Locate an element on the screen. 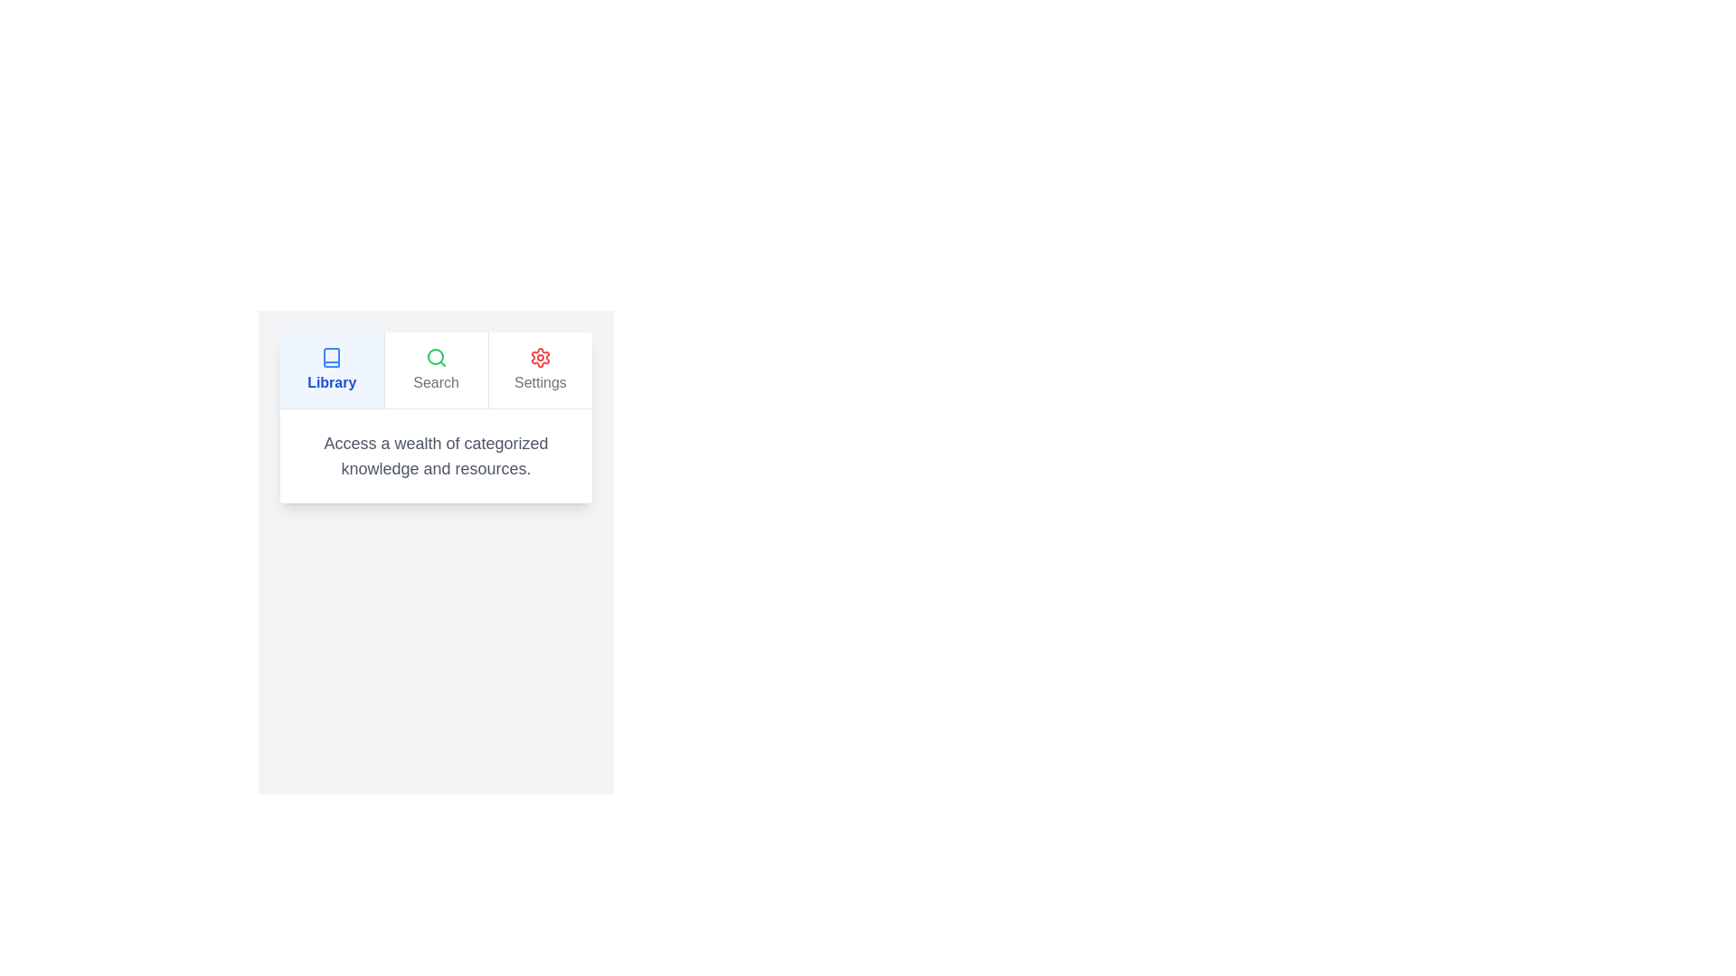  the Search tab by clicking on it is located at coordinates (435, 369).